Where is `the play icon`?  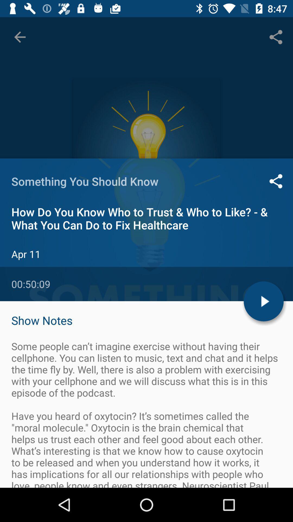
the play icon is located at coordinates (263, 301).